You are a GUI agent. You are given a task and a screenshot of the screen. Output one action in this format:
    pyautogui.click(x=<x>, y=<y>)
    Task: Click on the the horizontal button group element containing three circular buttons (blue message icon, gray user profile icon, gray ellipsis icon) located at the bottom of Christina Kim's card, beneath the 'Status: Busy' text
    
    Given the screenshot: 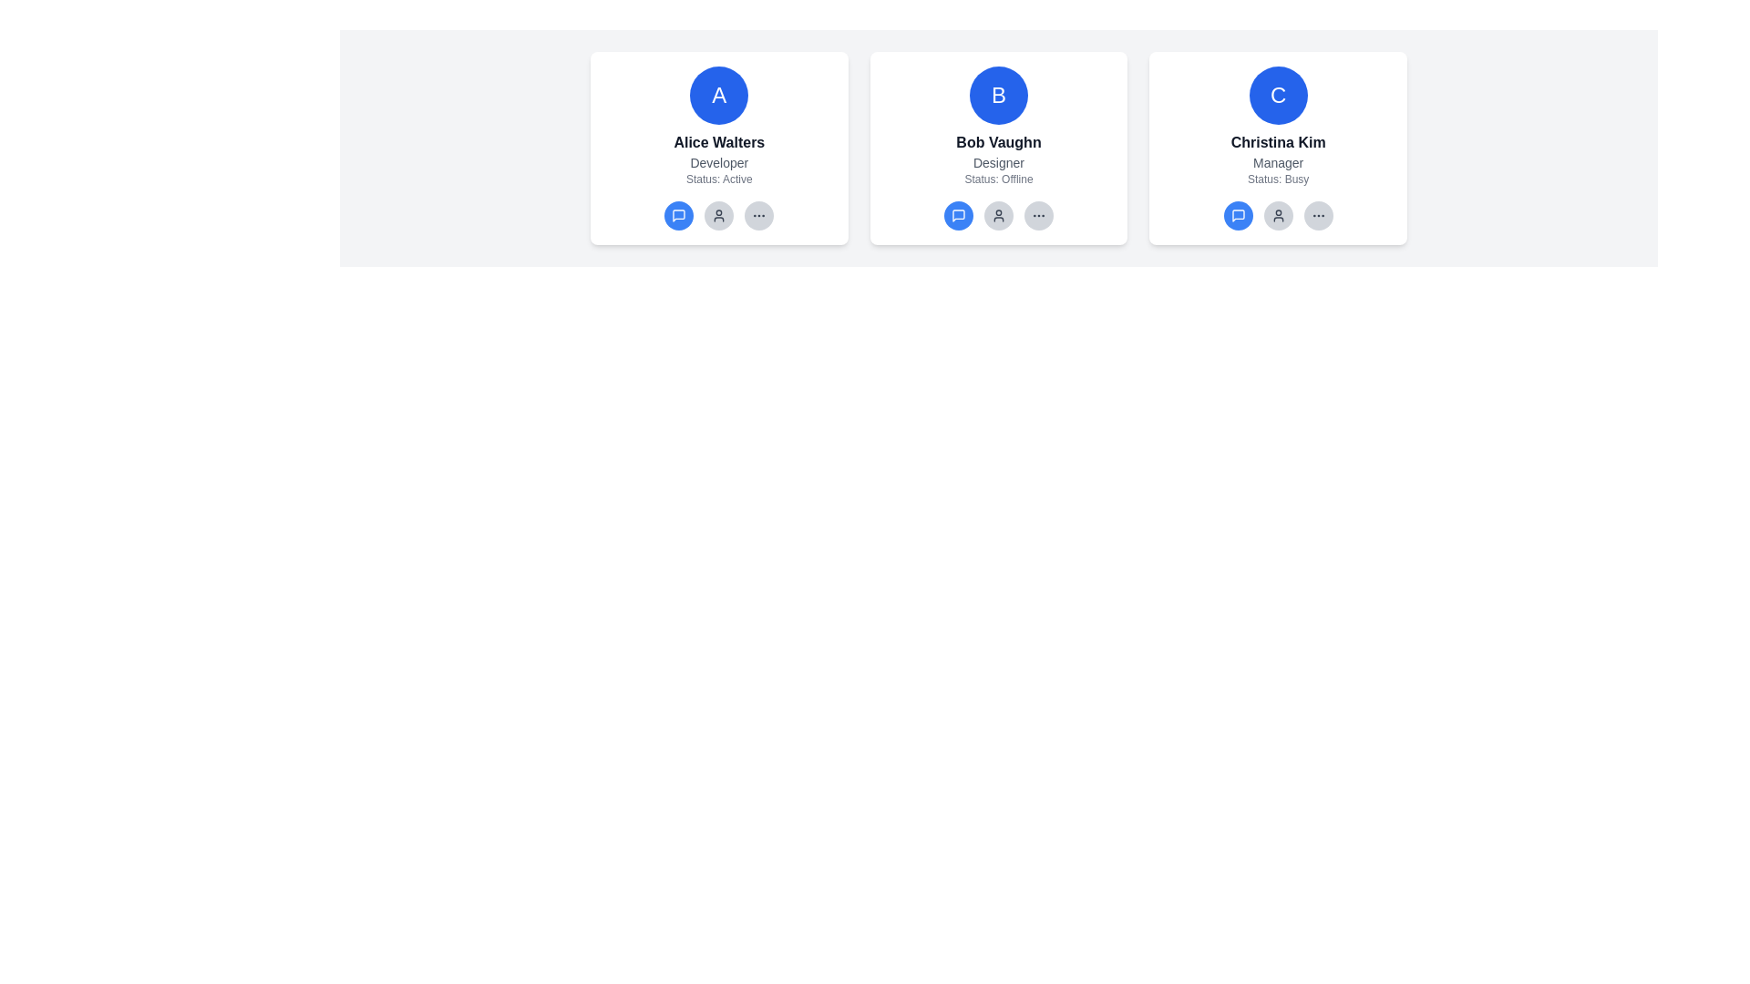 What is the action you would take?
    pyautogui.click(x=1277, y=214)
    